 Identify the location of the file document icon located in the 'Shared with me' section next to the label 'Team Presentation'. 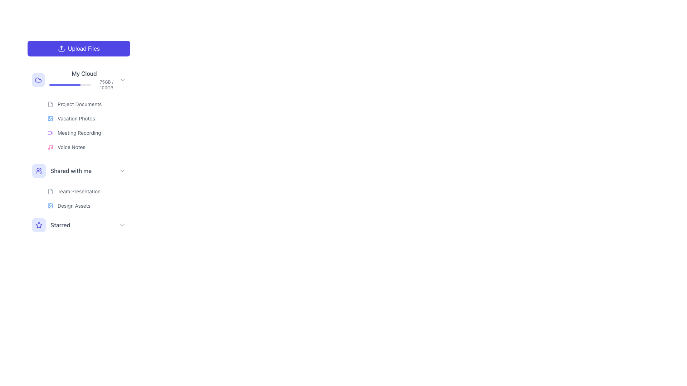
(50, 191).